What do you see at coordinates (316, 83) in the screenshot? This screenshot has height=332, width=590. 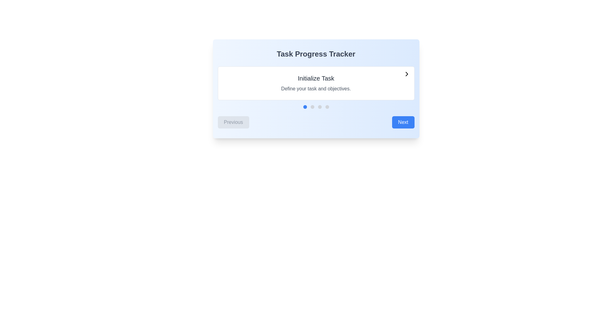 I see `the text block that contains the title 'Initialize Task' and the description 'Define your task and objectives.'` at bounding box center [316, 83].